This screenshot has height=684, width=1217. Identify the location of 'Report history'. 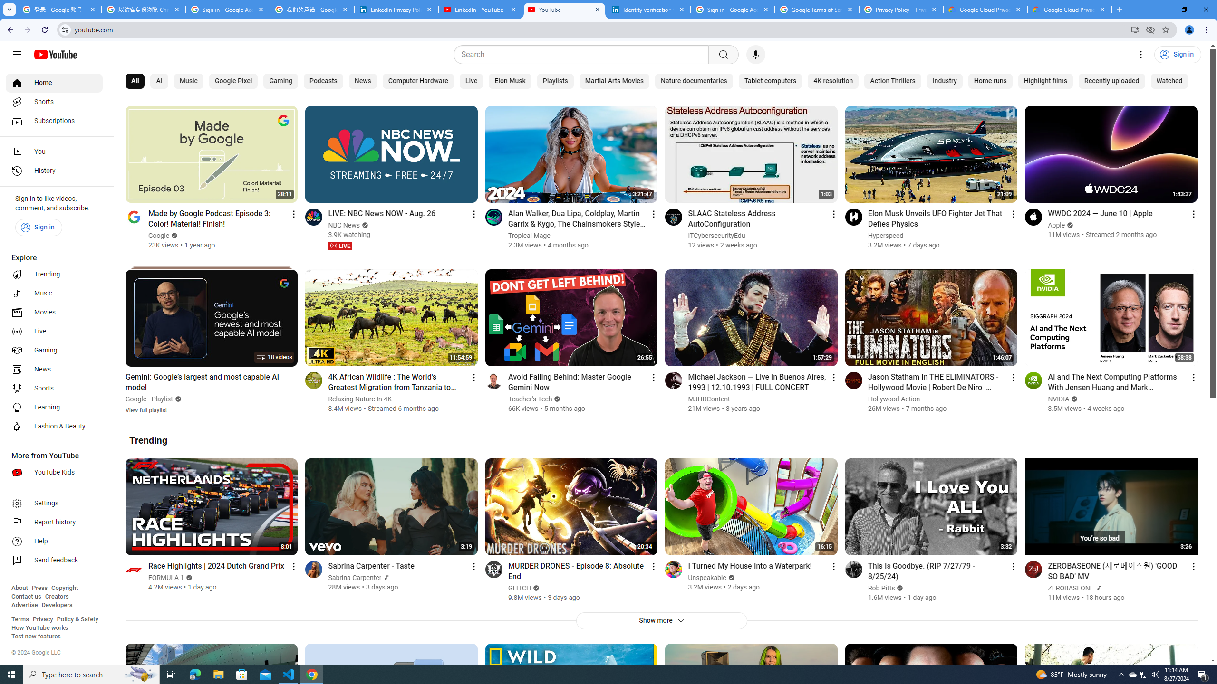
(54, 522).